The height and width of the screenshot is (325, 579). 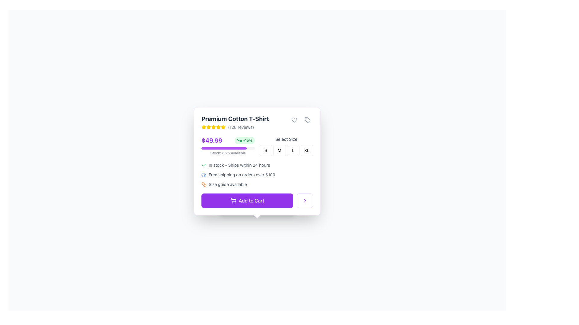 What do you see at coordinates (235, 127) in the screenshot?
I see `the static text label that reads '(128 reviews)' styled in a smaller gray font, located below the title 'Premium Cotton T-Shirt' and next to the yellow star rating section` at bounding box center [235, 127].